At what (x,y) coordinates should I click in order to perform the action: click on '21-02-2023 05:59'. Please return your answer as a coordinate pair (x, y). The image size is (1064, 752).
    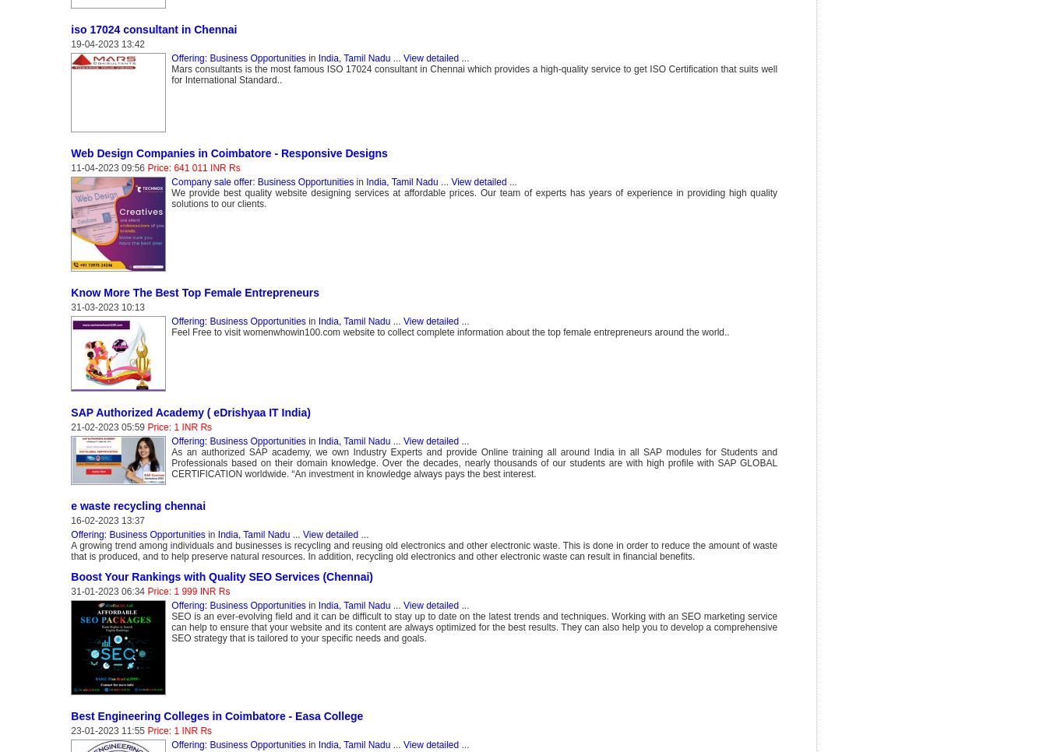
    Looking at the image, I should click on (108, 427).